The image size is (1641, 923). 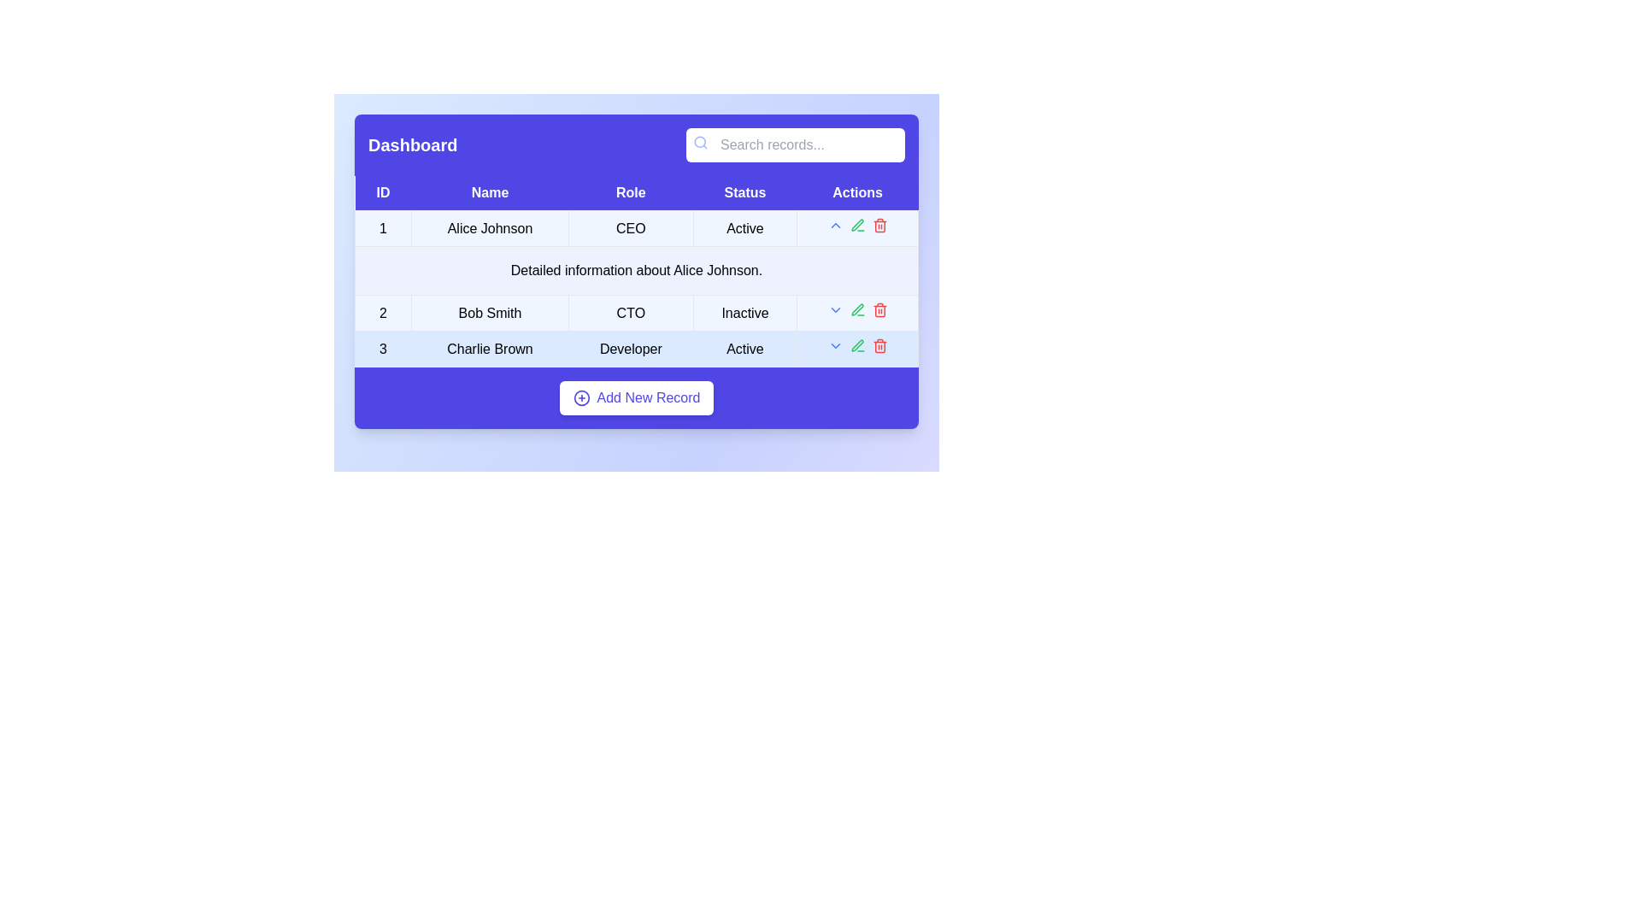 What do you see at coordinates (630, 192) in the screenshot?
I see `the 'Role' column header in the table, which is the third header from the left, positioned between 'Name' and 'Status'` at bounding box center [630, 192].